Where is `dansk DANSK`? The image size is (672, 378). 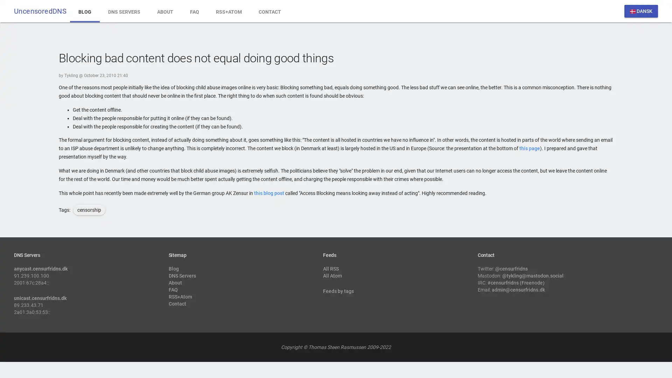 dansk DANSK is located at coordinates (641, 11).